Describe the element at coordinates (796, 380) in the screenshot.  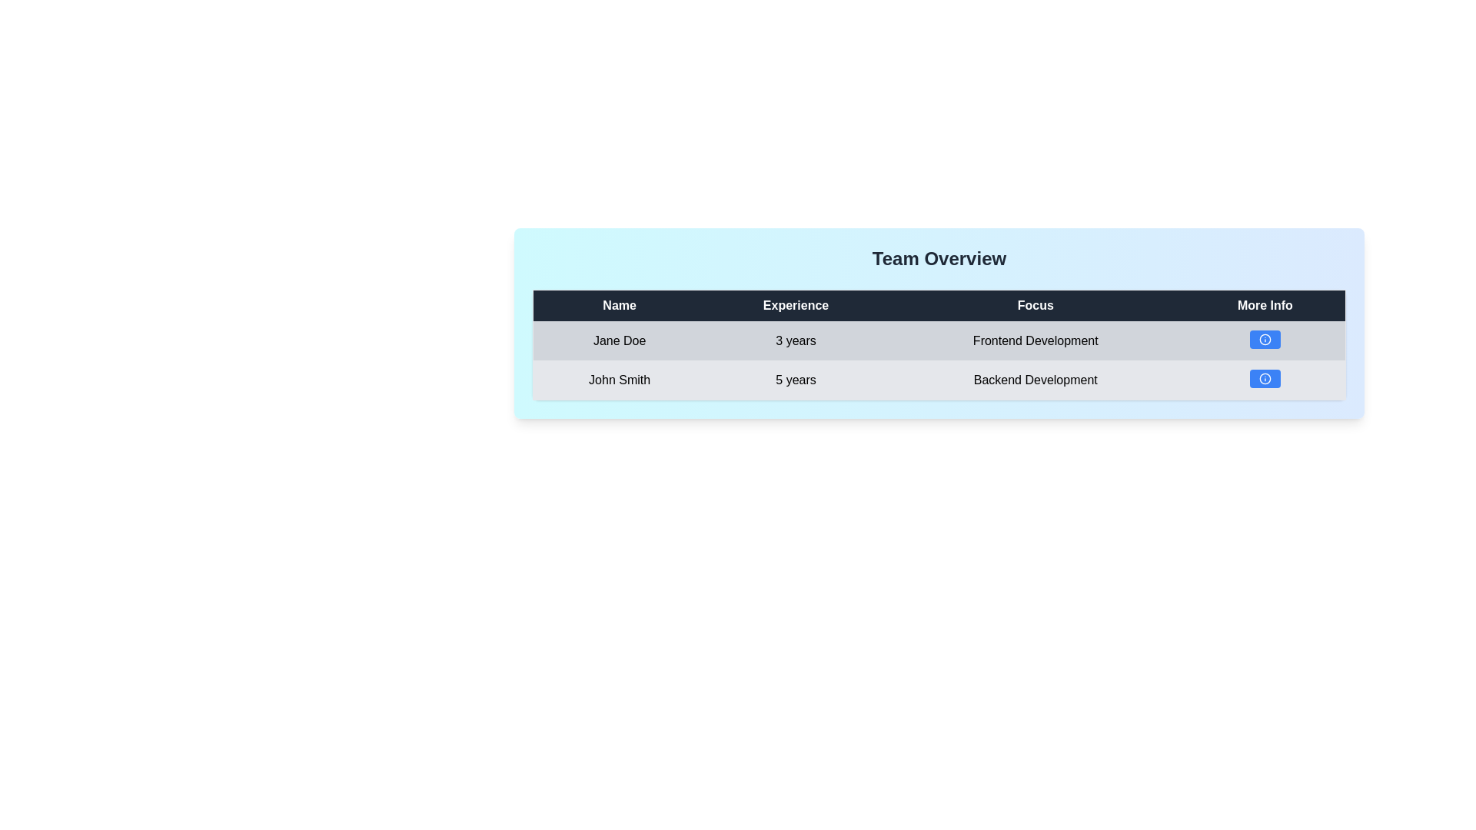
I see `displayed text '5 years' from the text display located in the second column of the second row of the table structure` at that location.